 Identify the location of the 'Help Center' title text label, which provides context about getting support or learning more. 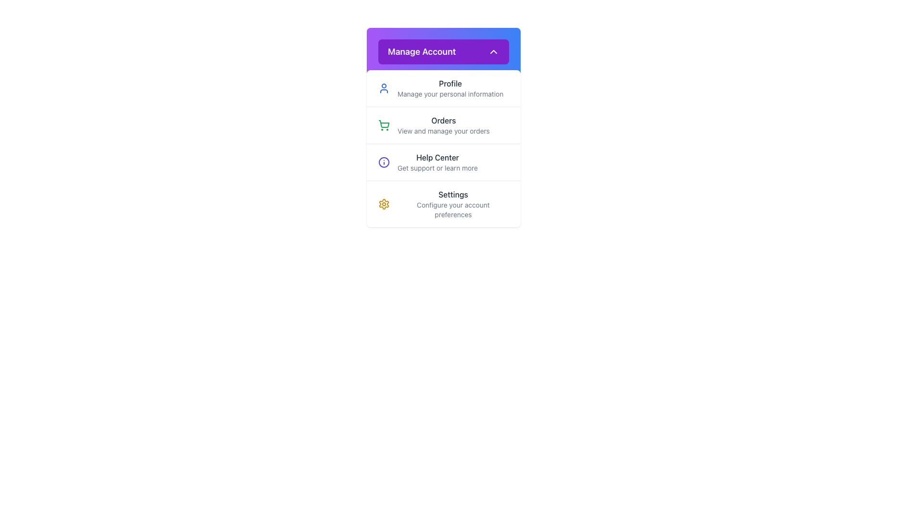
(437, 157).